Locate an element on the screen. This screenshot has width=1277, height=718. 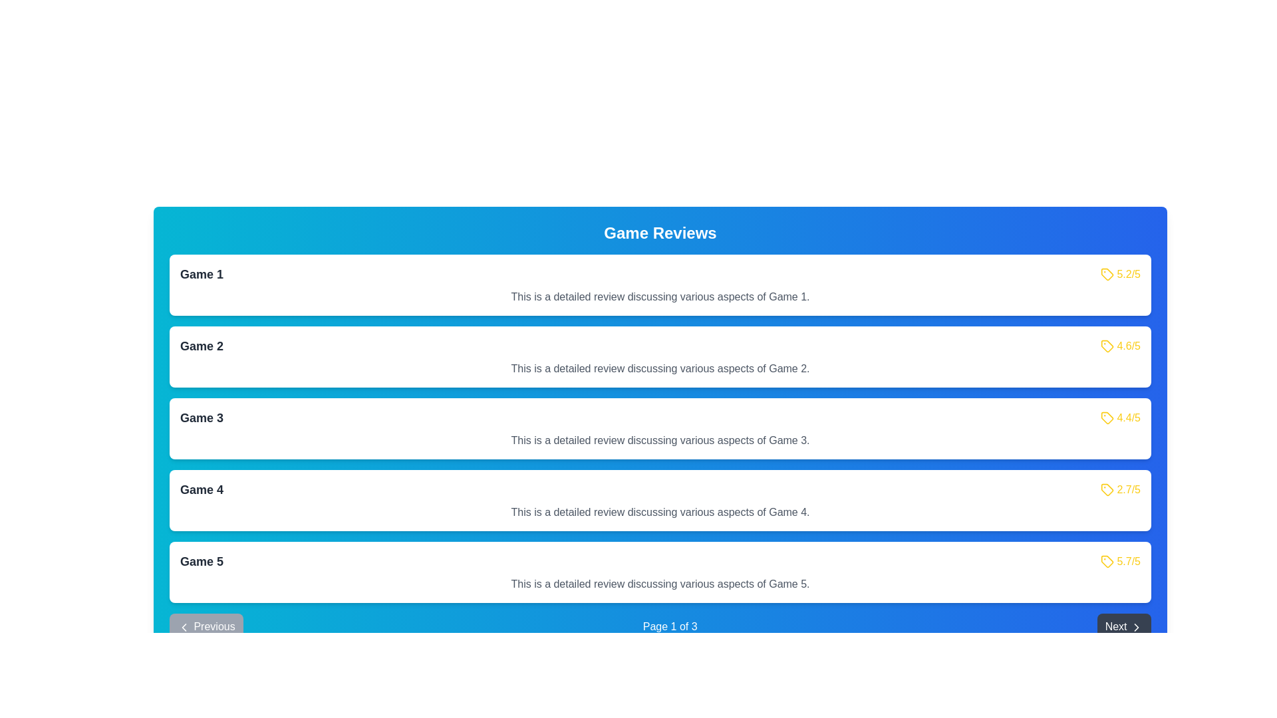
the visual representation of the Graphical Icon in the fourth 'Game Review' section, which signifies a numerical rating of '2.7/5' is located at coordinates (1107, 489).